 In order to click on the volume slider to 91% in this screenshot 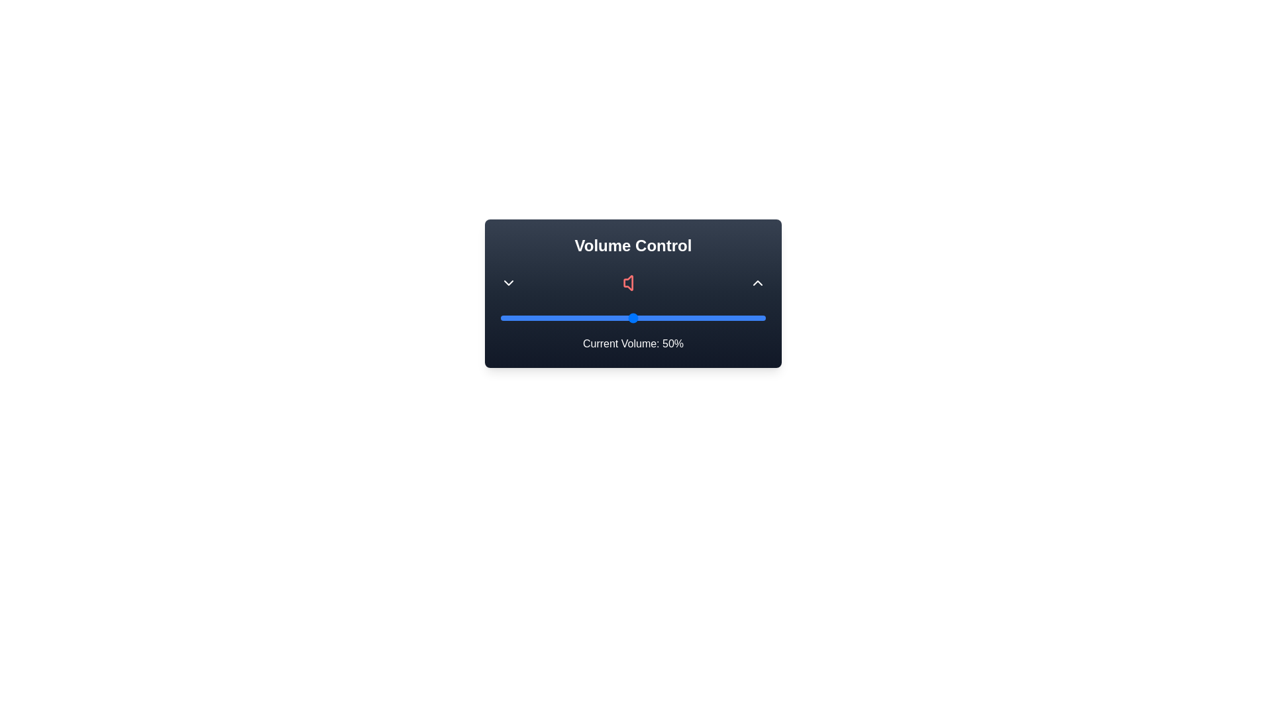, I will do `click(741, 318)`.